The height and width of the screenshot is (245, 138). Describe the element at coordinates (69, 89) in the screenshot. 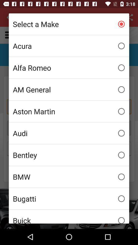

I see `the am general item` at that location.